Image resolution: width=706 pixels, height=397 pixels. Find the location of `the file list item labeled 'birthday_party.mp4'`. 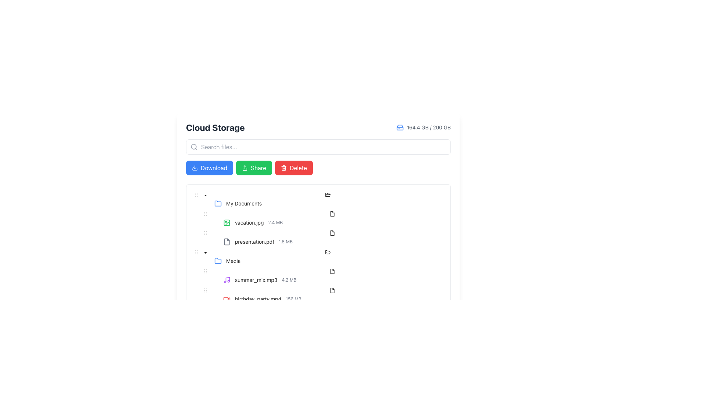

the file list item labeled 'birthday_party.mp4' is located at coordinates (332, 294).